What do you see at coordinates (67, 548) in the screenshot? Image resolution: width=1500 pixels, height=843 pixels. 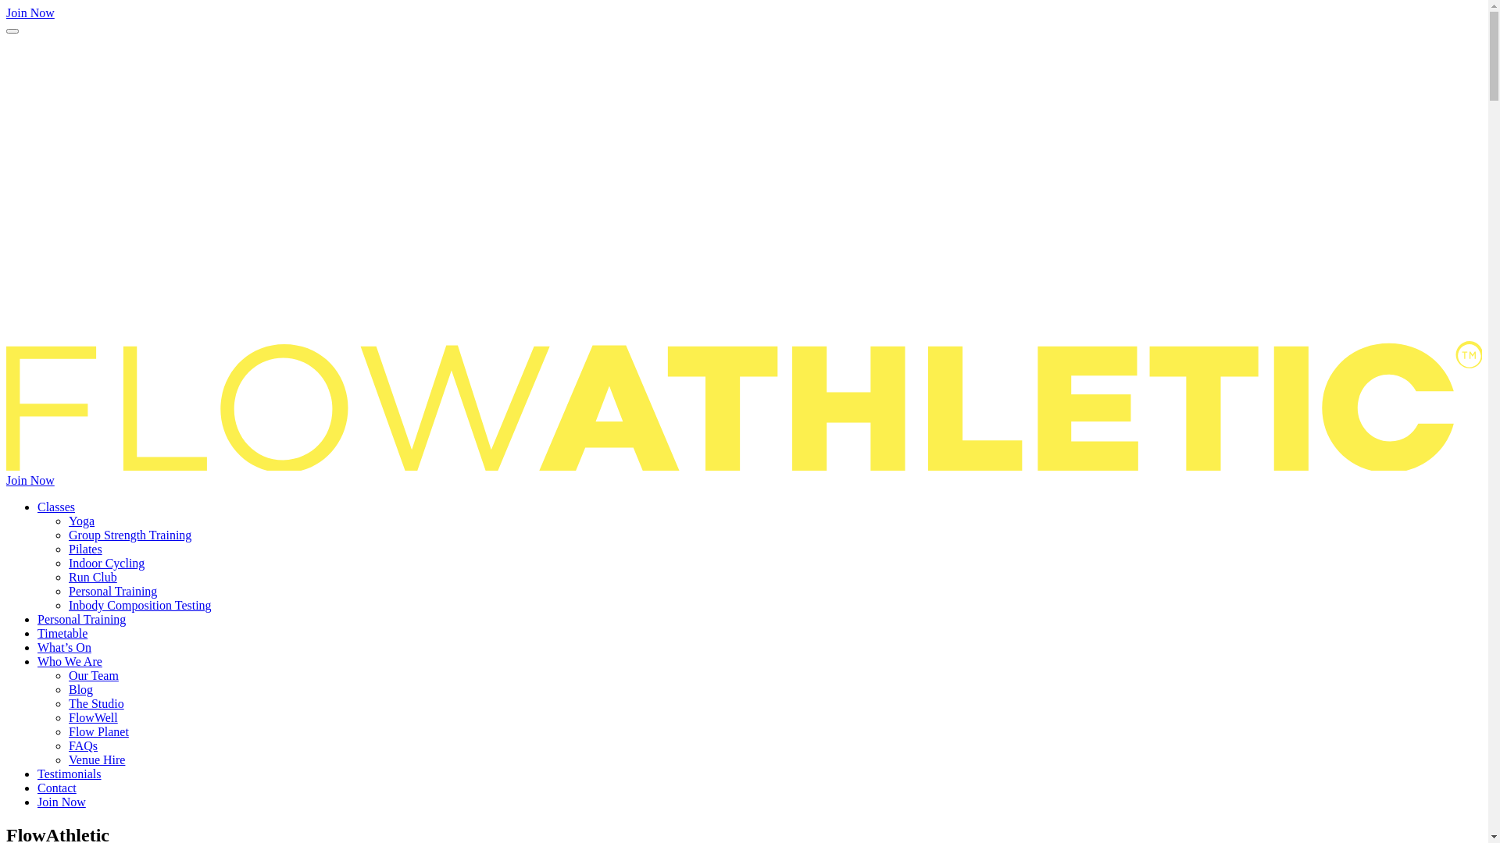 I see `'Pilates'` at bounding box center [67, 548].